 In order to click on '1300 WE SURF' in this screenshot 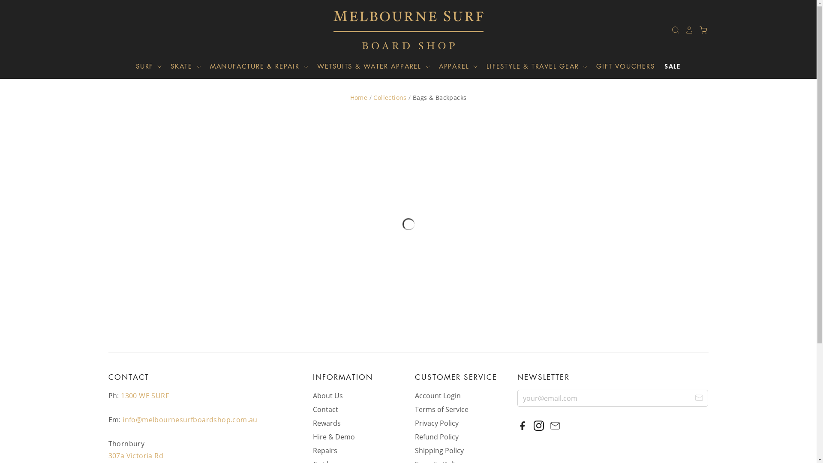, I will do `click(144, 395)`.